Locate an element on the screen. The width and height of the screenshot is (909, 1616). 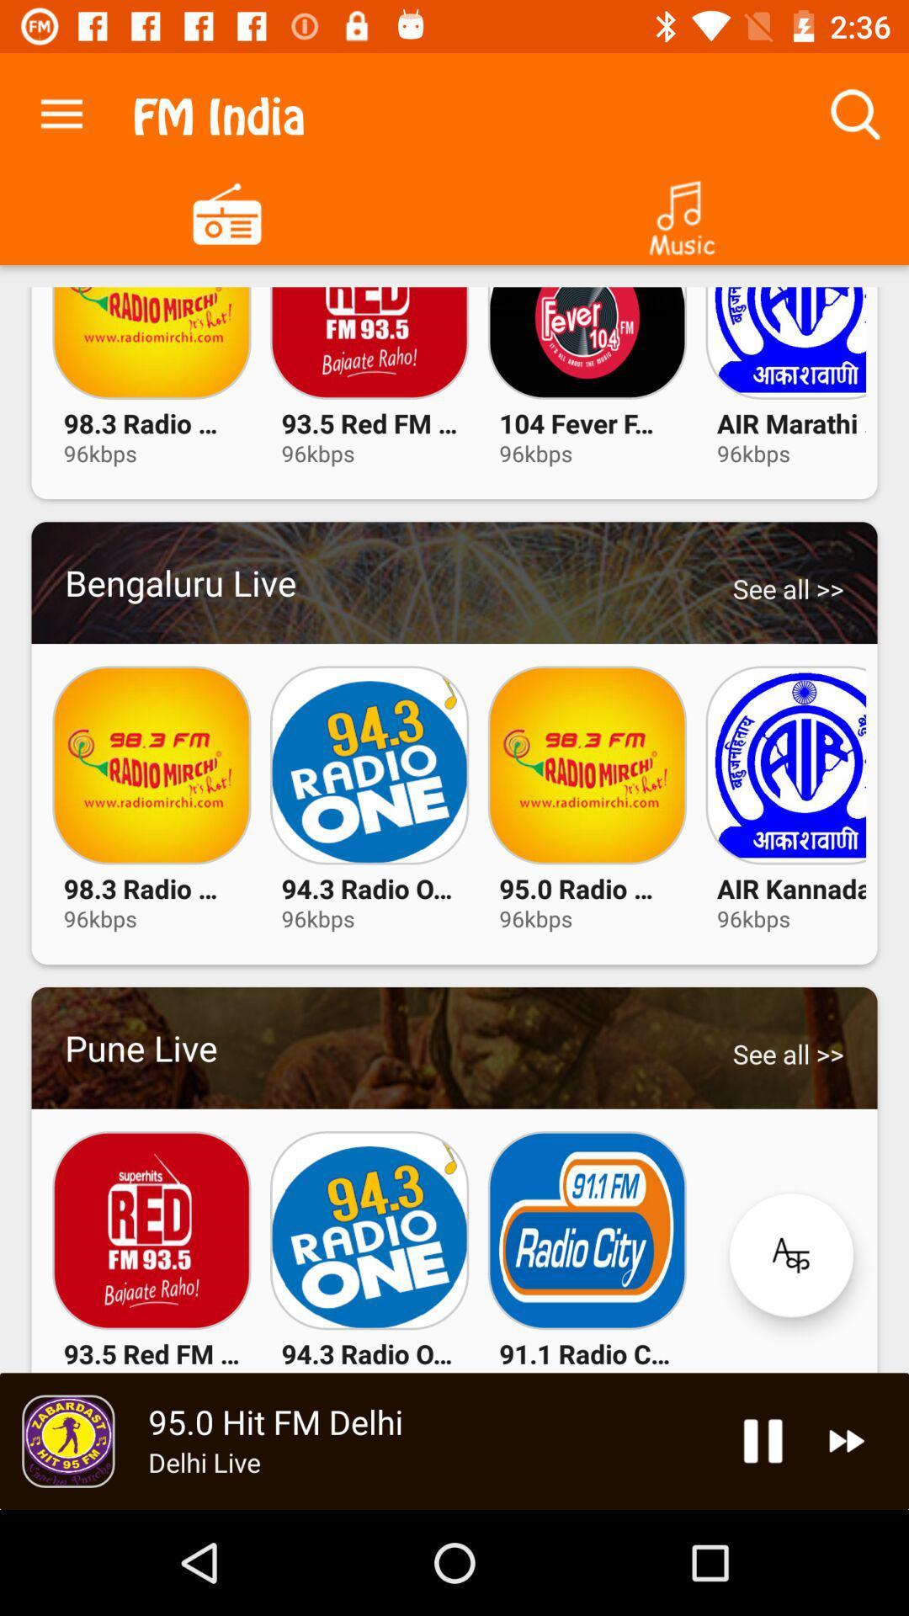
see more is located at coordinates (791, 1255).